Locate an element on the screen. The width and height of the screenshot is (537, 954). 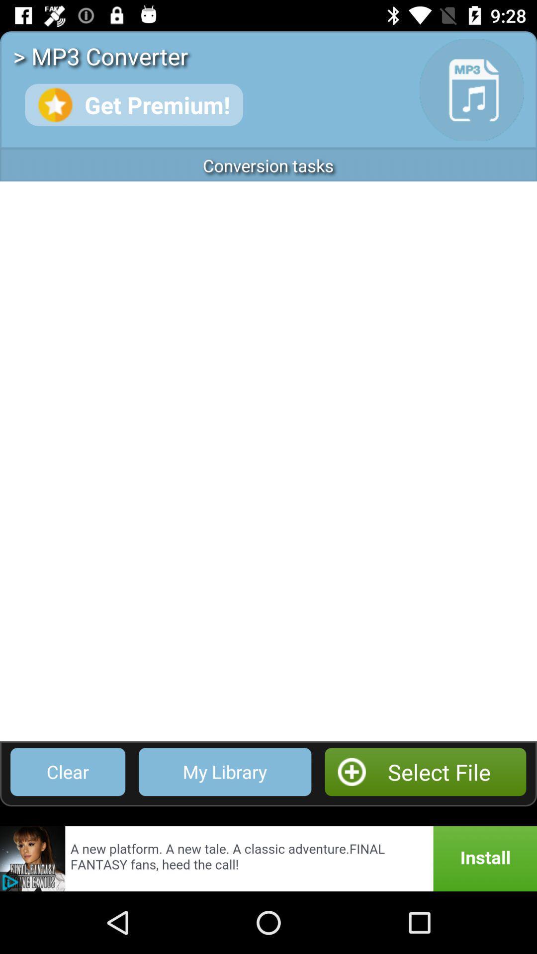
icon above the conversion tasks item is located at coordinates (133, 105).